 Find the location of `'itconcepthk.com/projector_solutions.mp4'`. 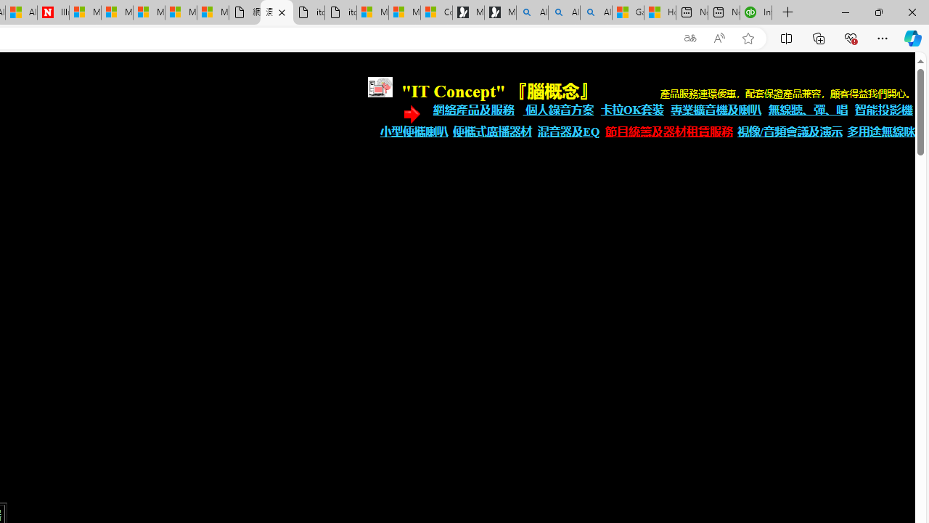

'itconcepthk.com/projector_solutions.mp4' is located at coordinates (340, 12).